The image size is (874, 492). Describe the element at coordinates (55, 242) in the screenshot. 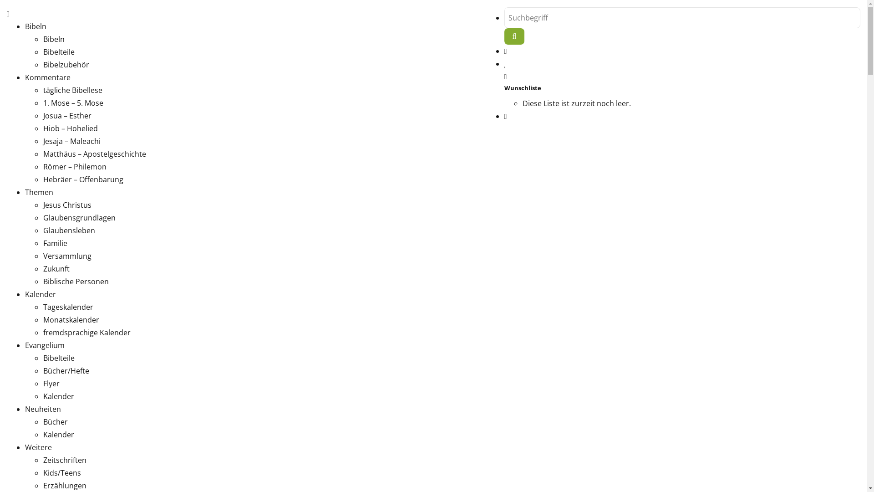

I see `'Familie'` at that location.